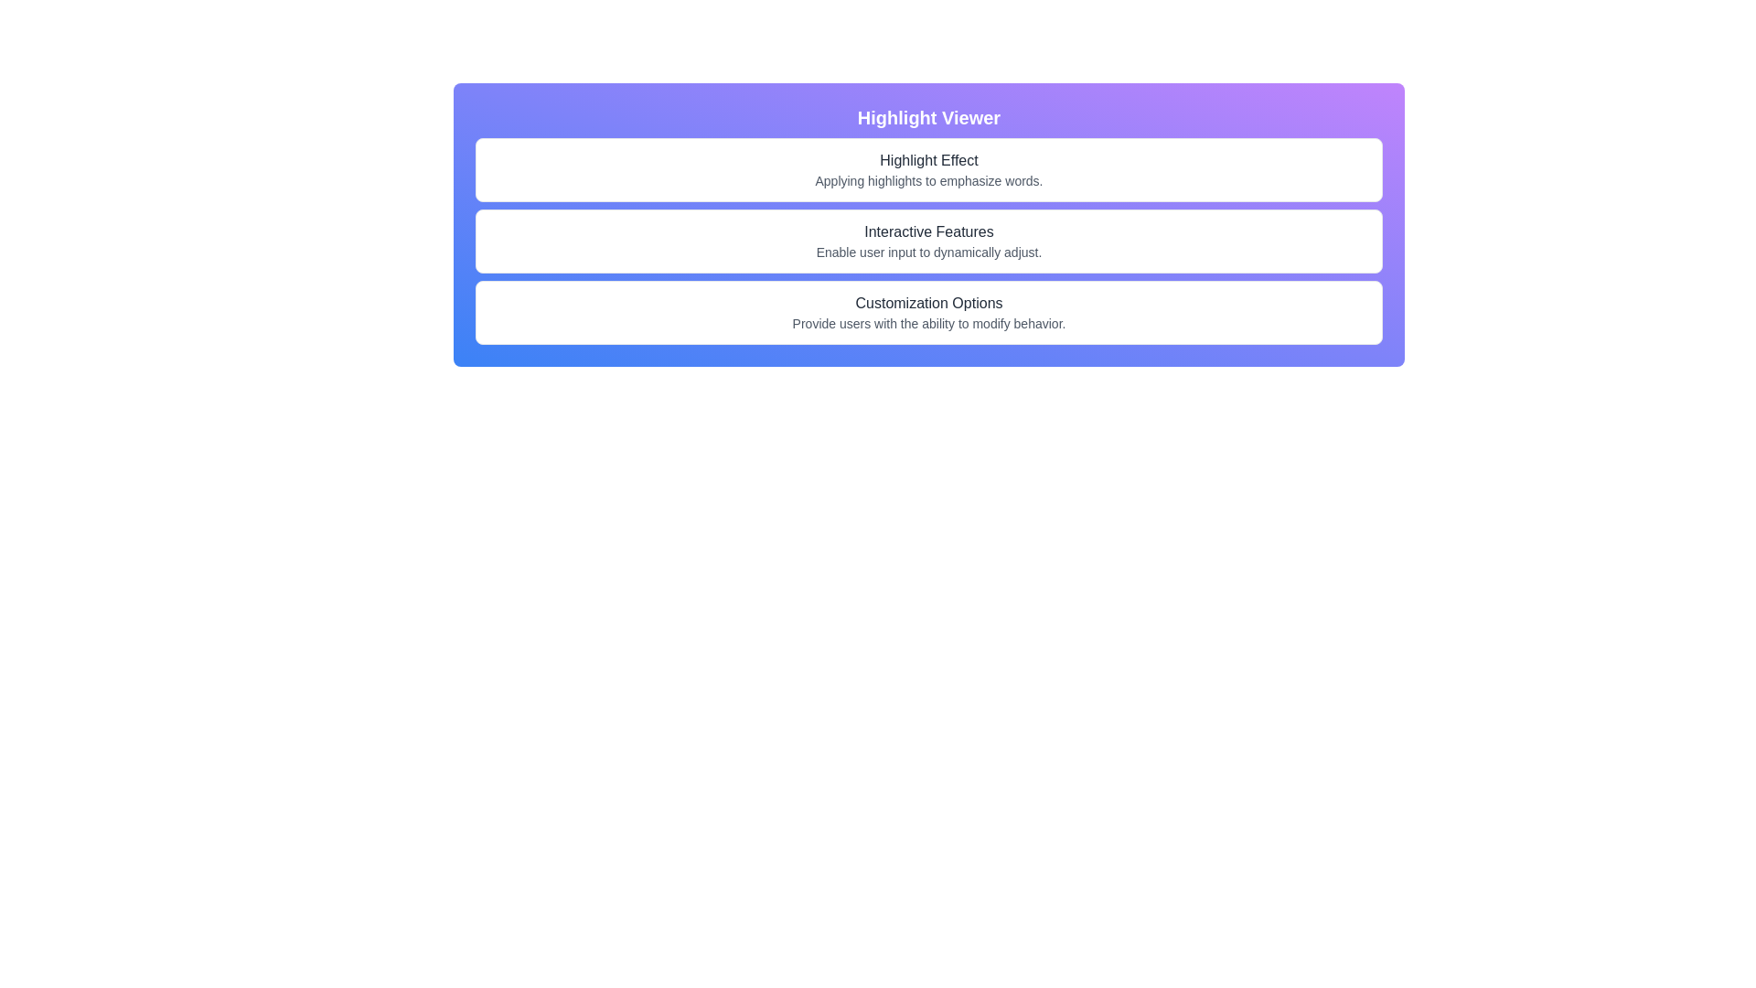 Image resolution: width=1756 pixels, height=988 pixels. I want to click on the letter 't' in the word 'Customization' within the text 'Customization Options', which is styled with an underline hover effect, so click(883, 302).